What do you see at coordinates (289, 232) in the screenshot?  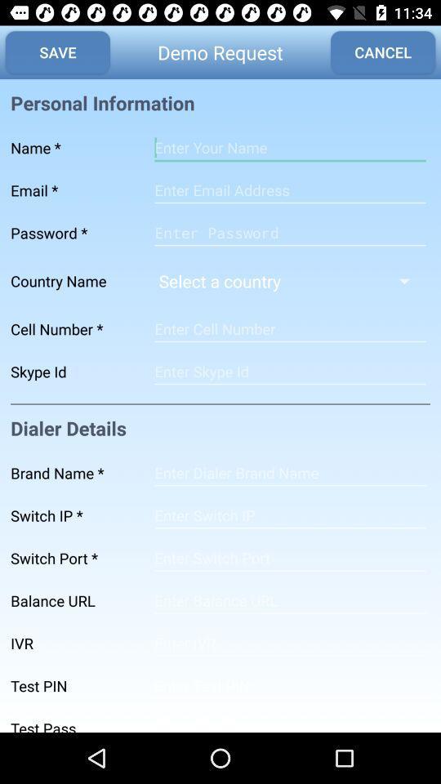 I see `new pega` at bounding box center [289, 232].